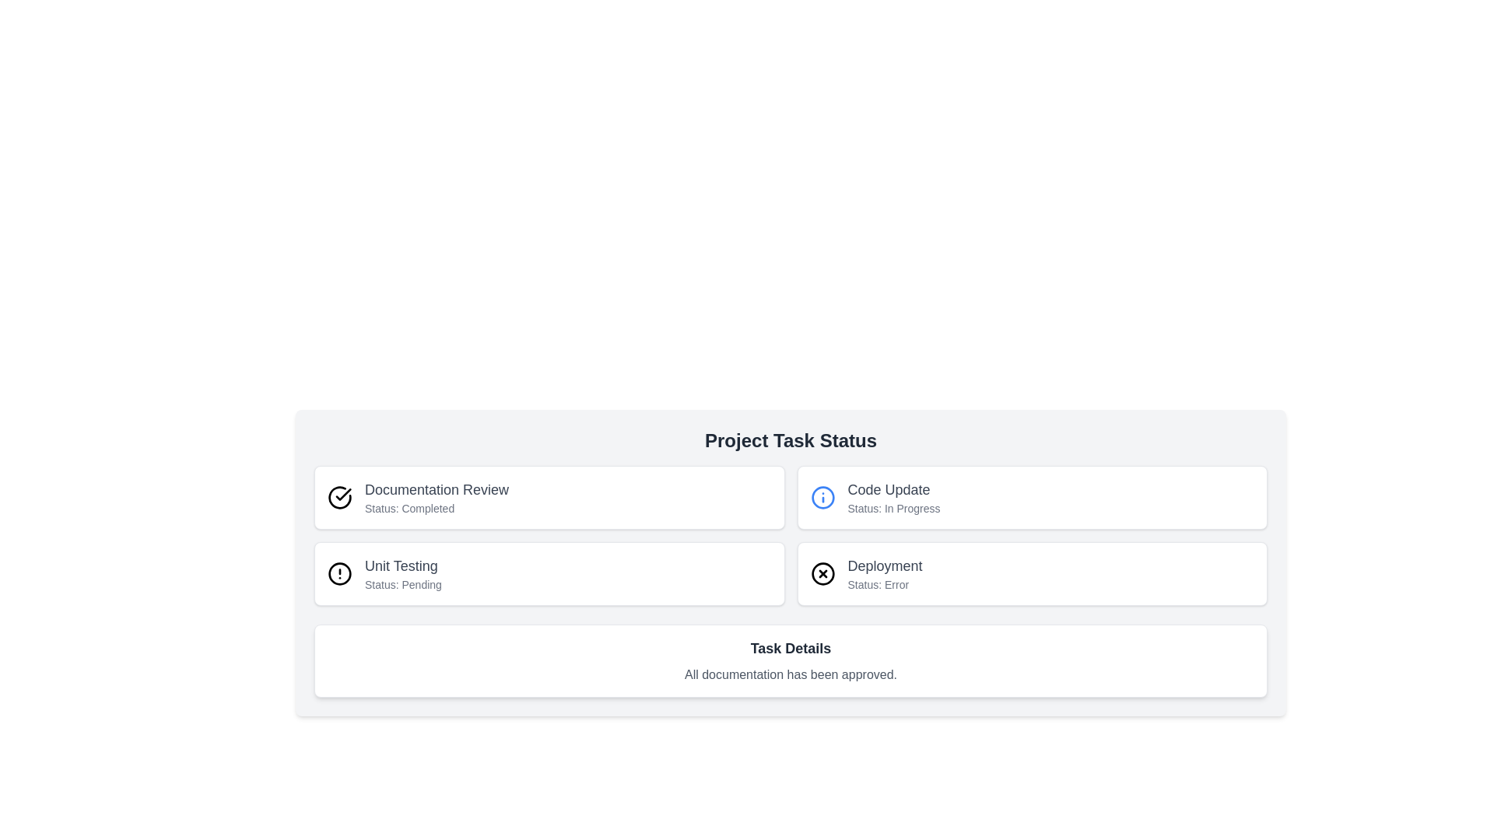  What do you see at coordinates (1032, 573) in the screenshot?
I see `the fourth card in the 'Project Task Status' section that displays the status of the 'Deployment' task as 'Error'` at bounding box center [1032, 573].